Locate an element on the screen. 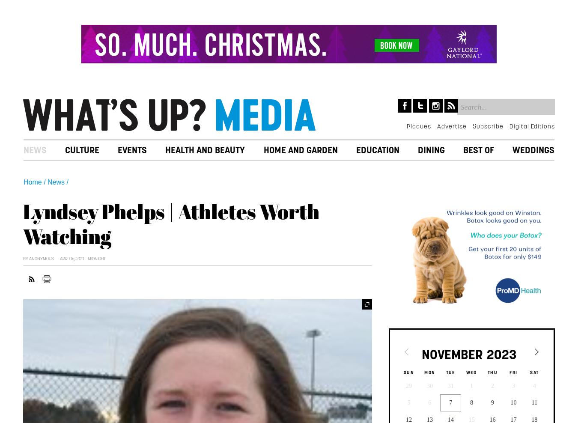 The height and width of the screenshot is (423, 578). '7' is located at coordinates (450, 402).